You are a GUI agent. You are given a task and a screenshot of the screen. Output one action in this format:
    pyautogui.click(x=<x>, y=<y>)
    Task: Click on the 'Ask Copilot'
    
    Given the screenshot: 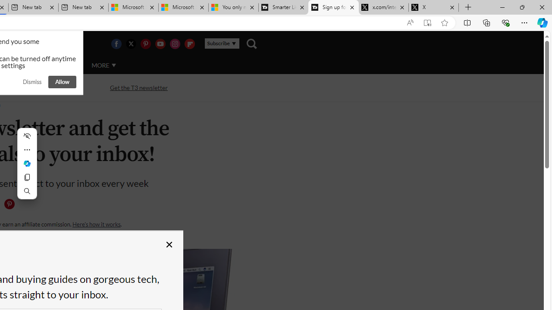 What is the action you would take?
    pyautogui.click(x=27, y=164)
    